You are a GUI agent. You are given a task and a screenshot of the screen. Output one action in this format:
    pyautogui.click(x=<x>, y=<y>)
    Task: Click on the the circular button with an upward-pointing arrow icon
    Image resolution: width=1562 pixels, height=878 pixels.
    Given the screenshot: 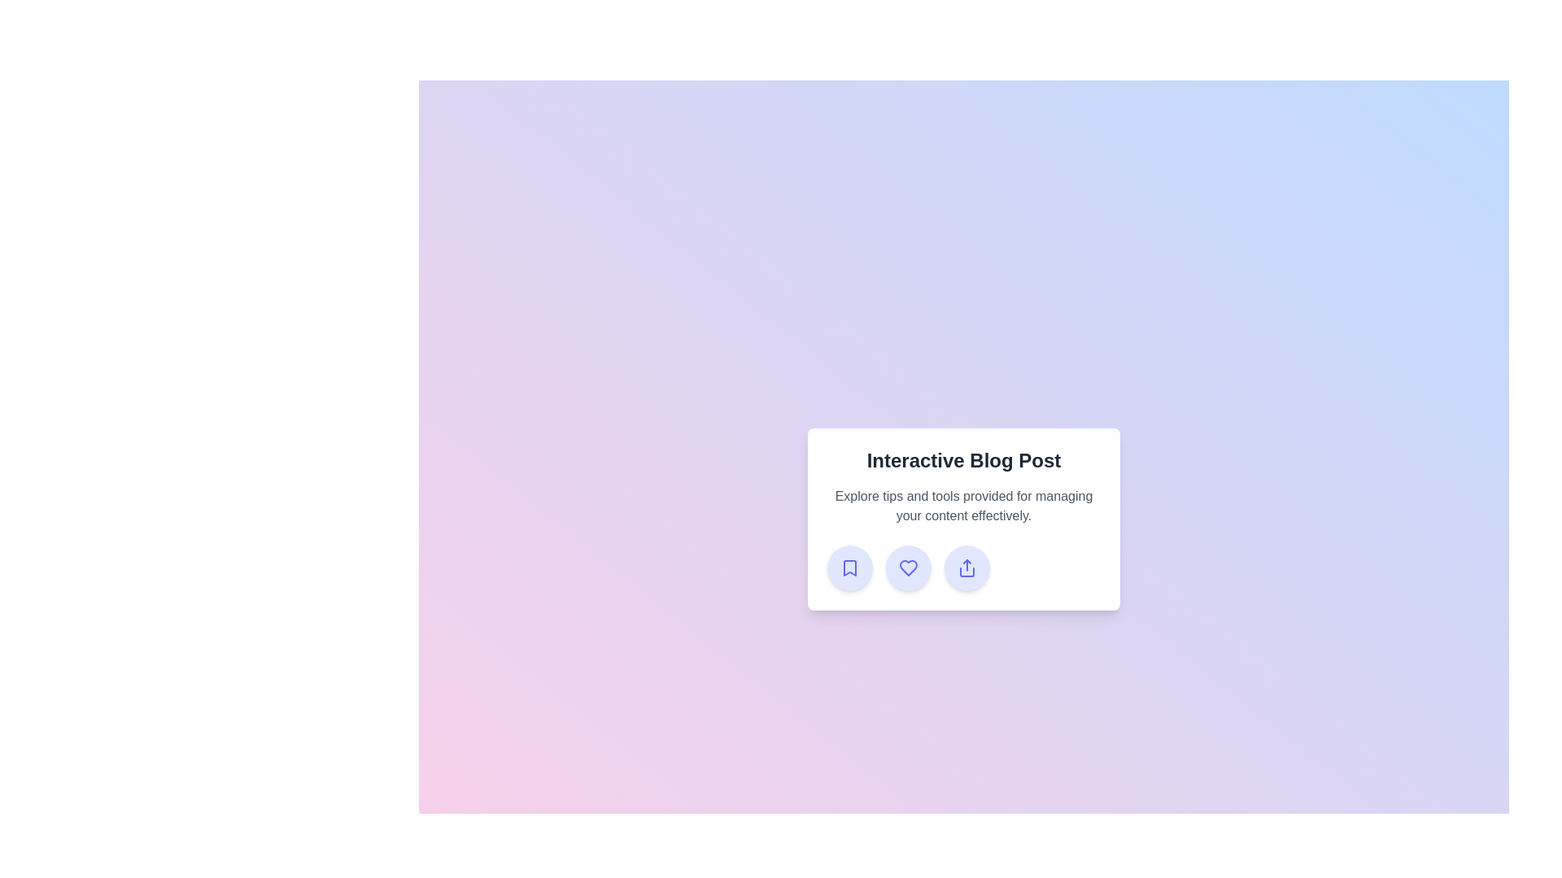 What is the action you would take?
    pyautogui.click(x=967, y=567)
    